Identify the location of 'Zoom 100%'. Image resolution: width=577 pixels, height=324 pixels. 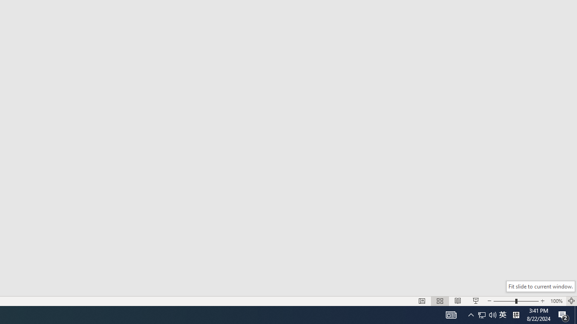
(556, 301).